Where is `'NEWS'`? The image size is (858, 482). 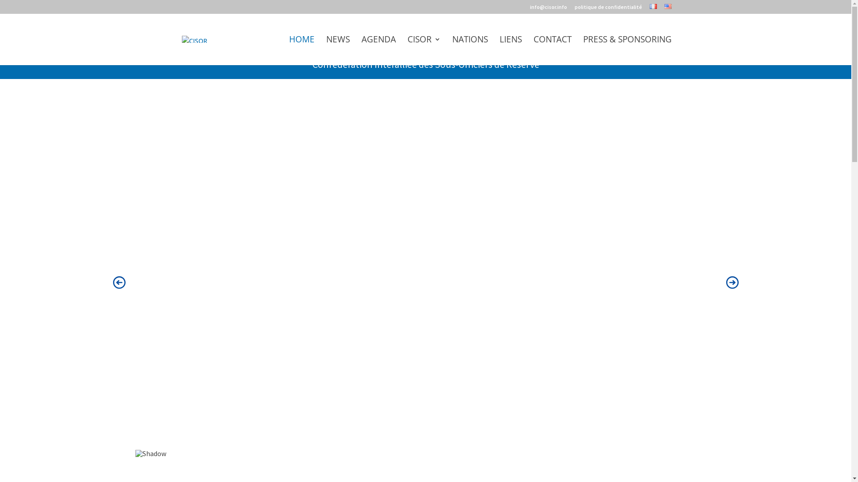
'NEWS' is located at coordinates (337, 50).